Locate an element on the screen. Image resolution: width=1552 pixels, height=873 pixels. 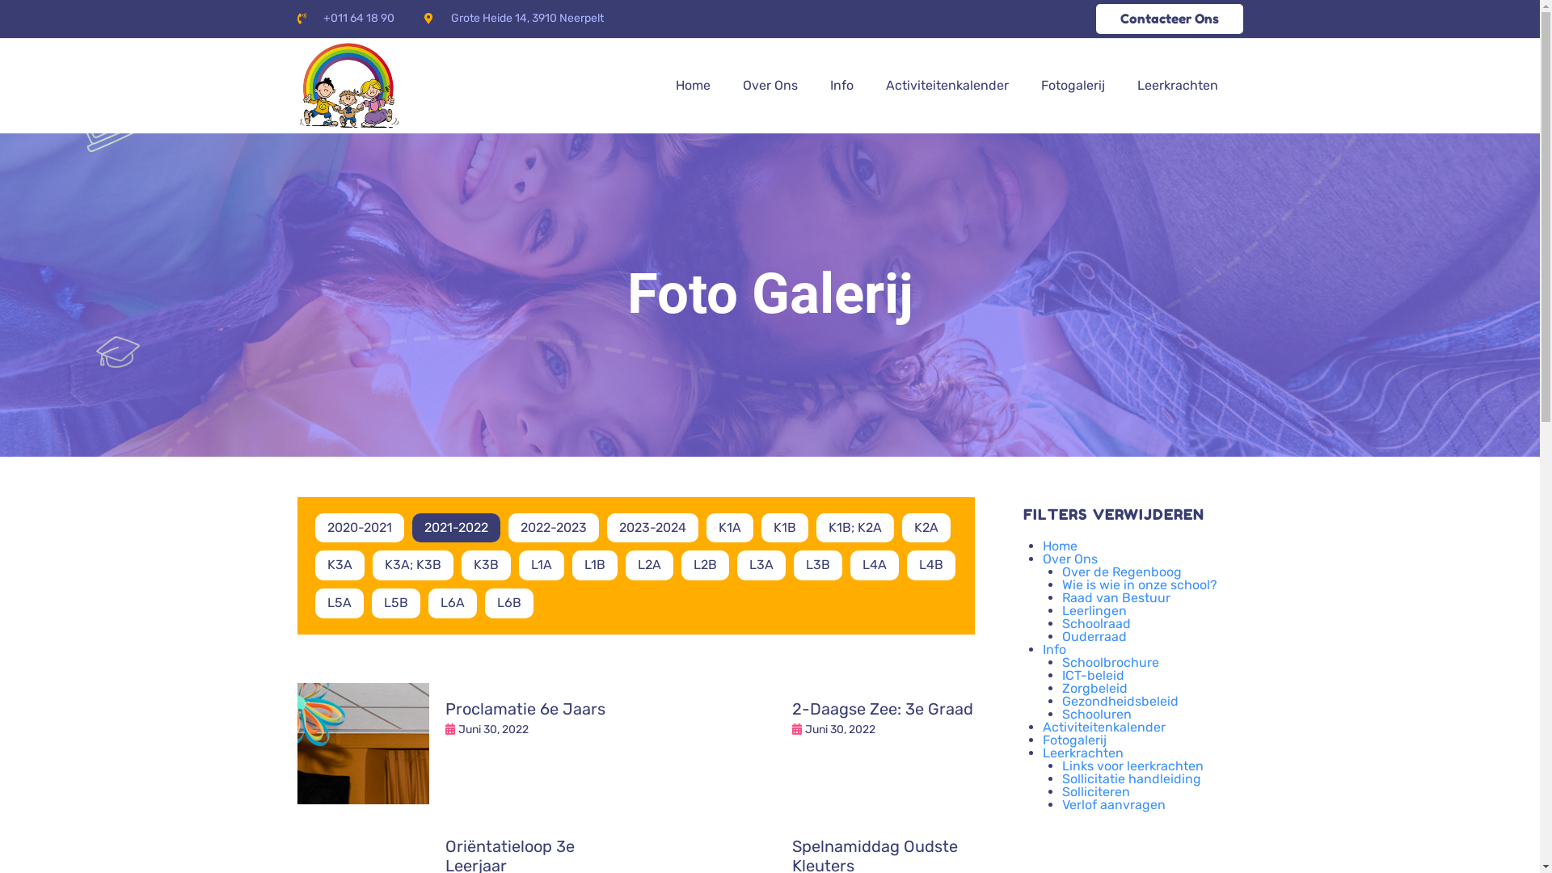
'Solliciteren' is located at coordinates (1062, 791).